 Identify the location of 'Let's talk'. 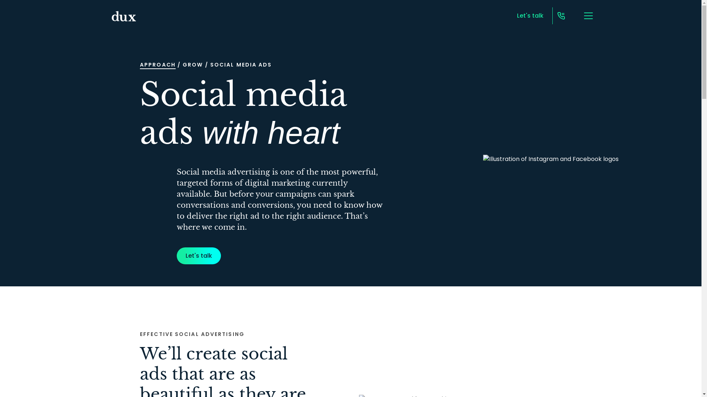
(198, 255).